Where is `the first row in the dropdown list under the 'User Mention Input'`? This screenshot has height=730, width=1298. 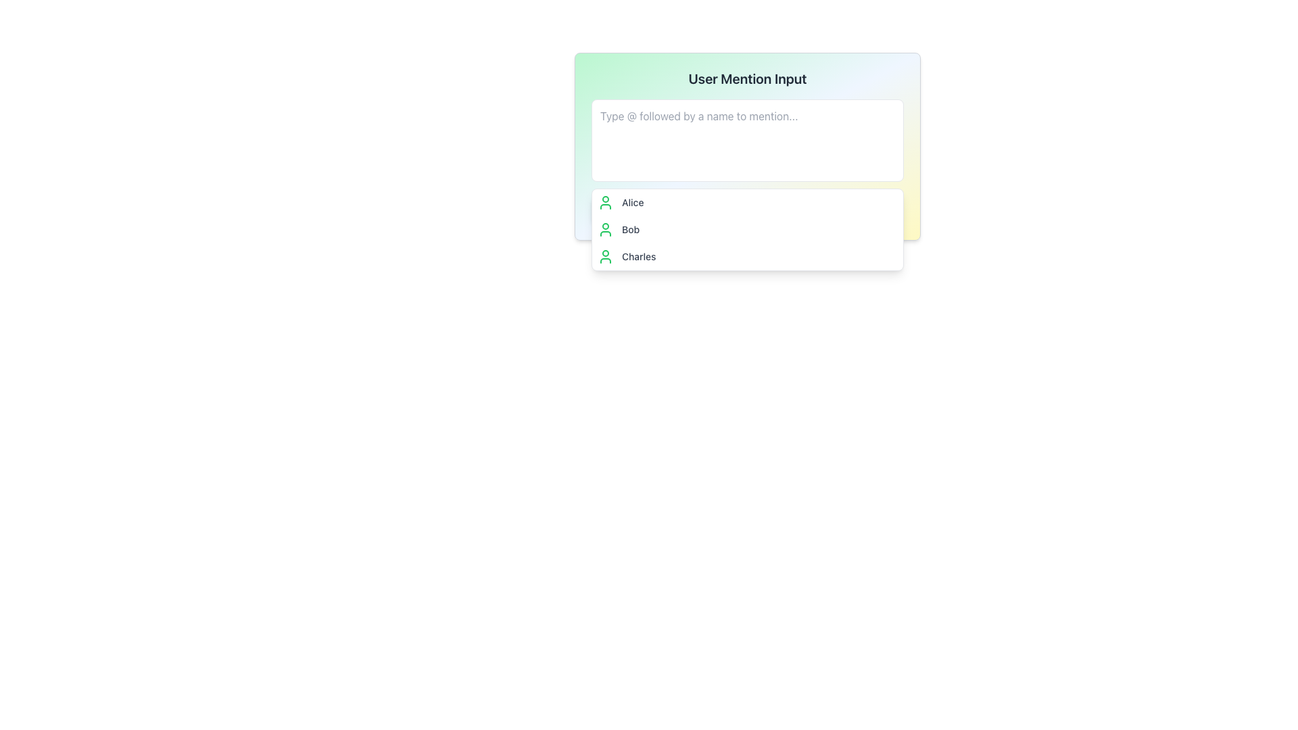
the first row in the dropdown list under the 'User Mention Input' is located at coordinates (746, 210).